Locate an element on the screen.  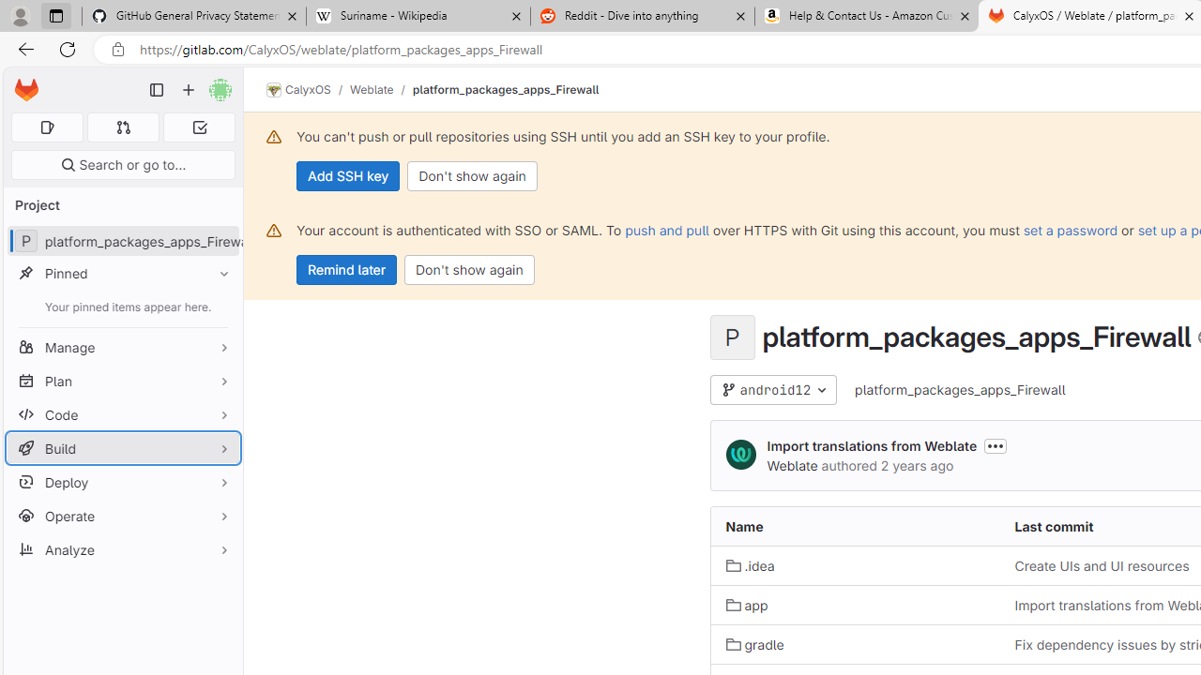
'Create UIs and UI resources' is located at coordinates (1102, 564).